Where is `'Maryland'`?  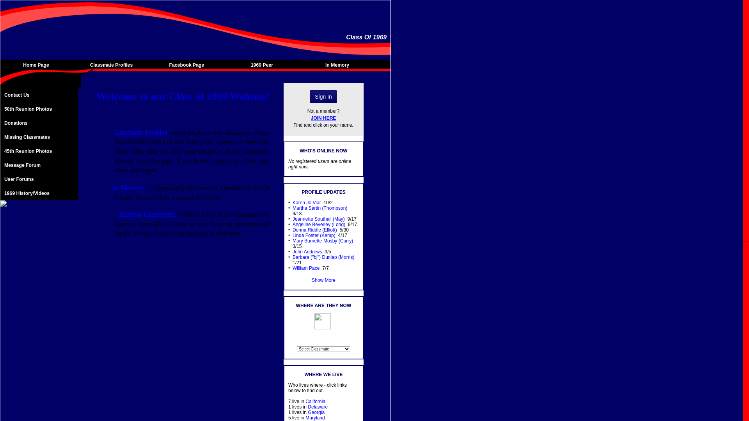 'Maryland' is located at coordinates (305, 417).